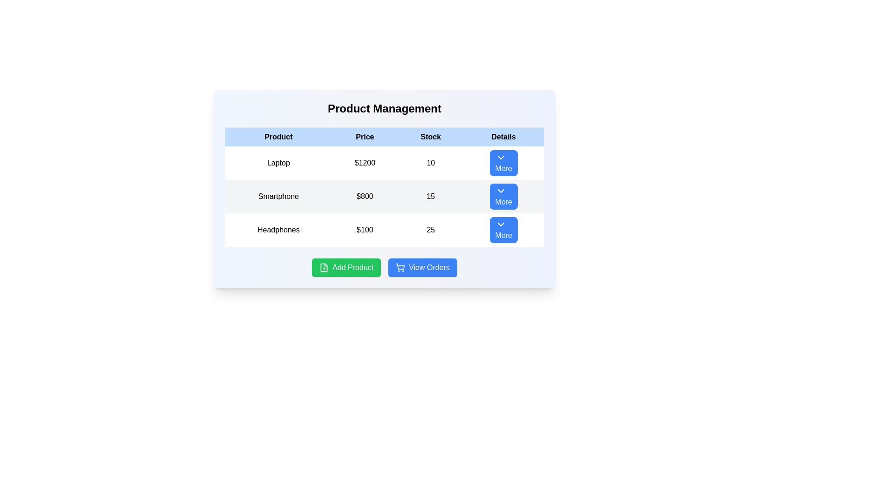 This screenshot has width=894, height=502. Describe the element at coordinates (422, 267) in the screenshot. I see `the button used for viewing orders, located to the right of the 'Add Product' green button in the bottom center of the interface` at that location.